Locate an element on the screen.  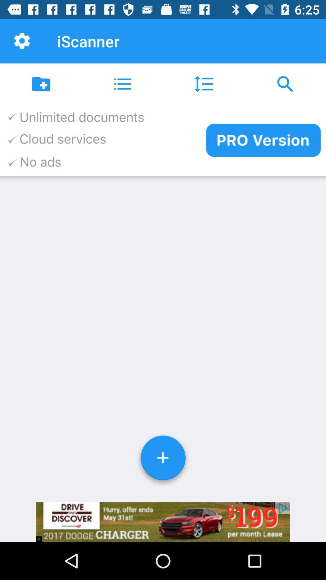
the item at the bottom left corner is located at coordinates (41, 536).